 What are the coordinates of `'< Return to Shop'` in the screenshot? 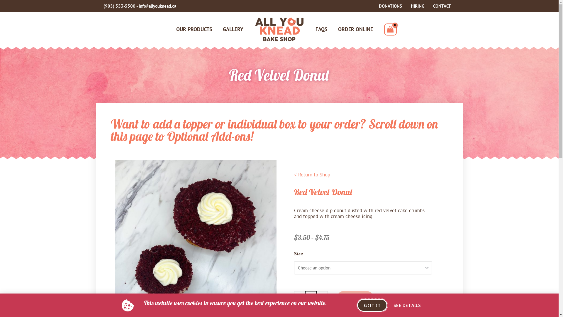 It's located at (311, 174).